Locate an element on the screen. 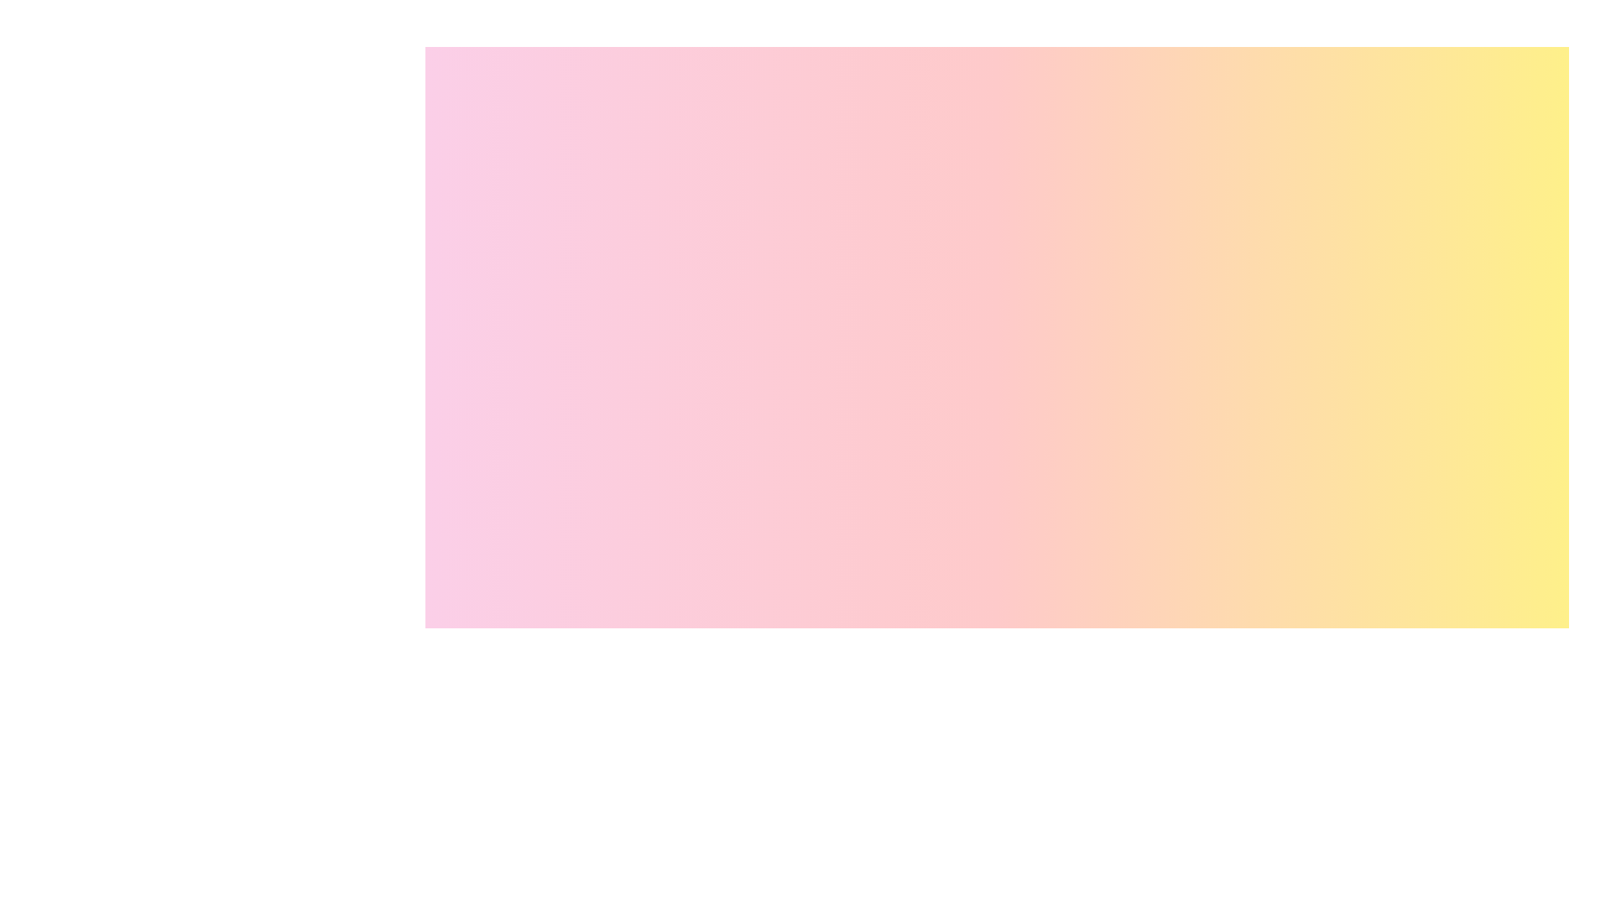 The image size is (1611, 906). the menu item Nearby from the ExploreSpeedDial component is located at coordinates (1541, 698).